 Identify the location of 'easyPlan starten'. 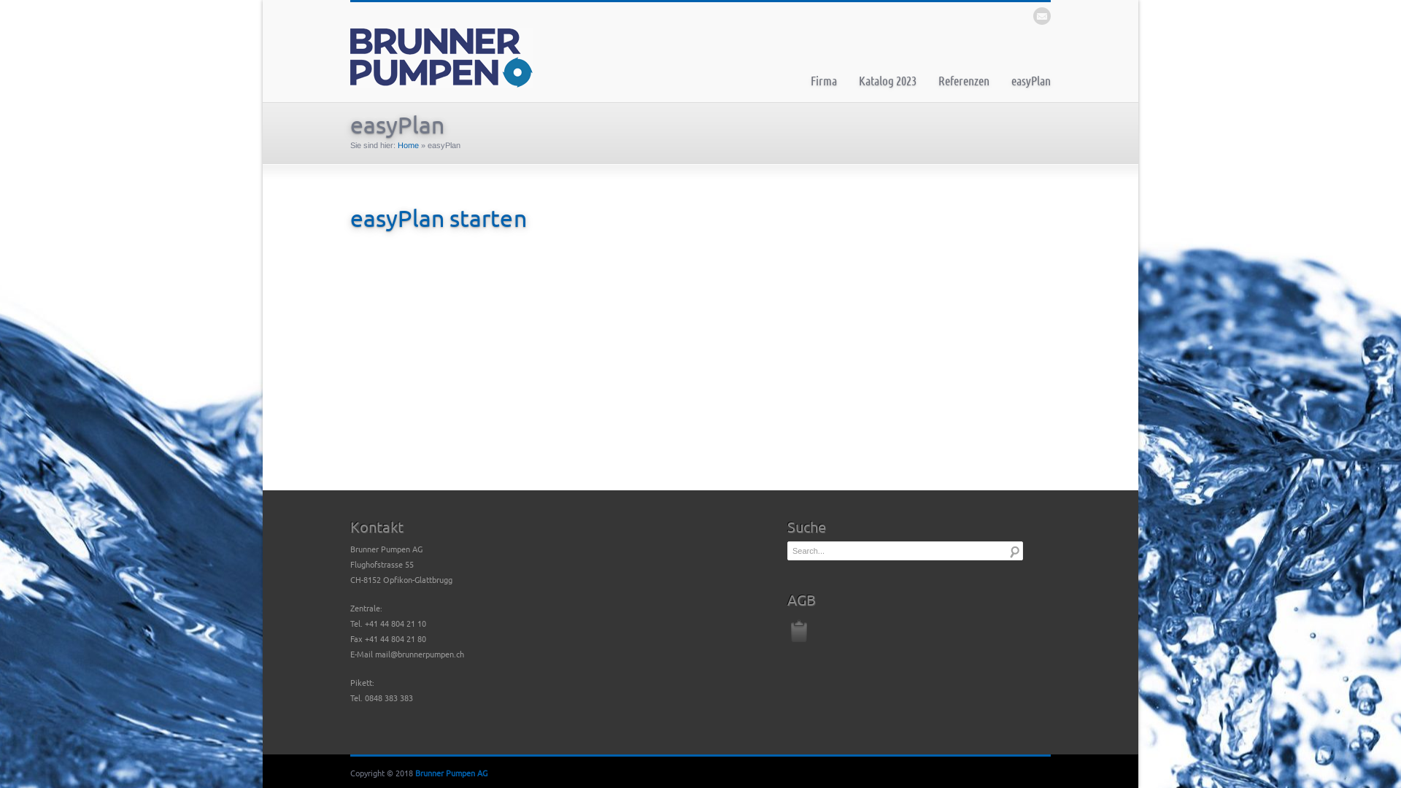
(437, 217).